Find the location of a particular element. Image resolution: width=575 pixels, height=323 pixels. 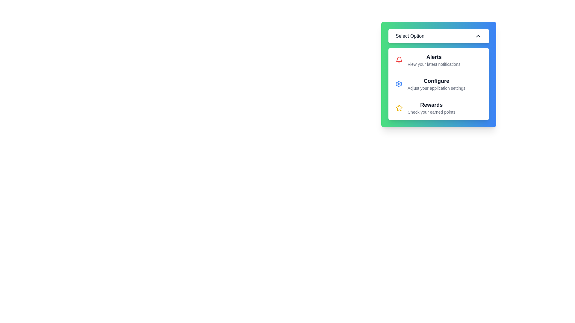

the static text label 'Alerts' which is styled as a bold, large font headline and positioned at the top of the dropdown menu under 'Select Option' is located at coordinates (434, 57).